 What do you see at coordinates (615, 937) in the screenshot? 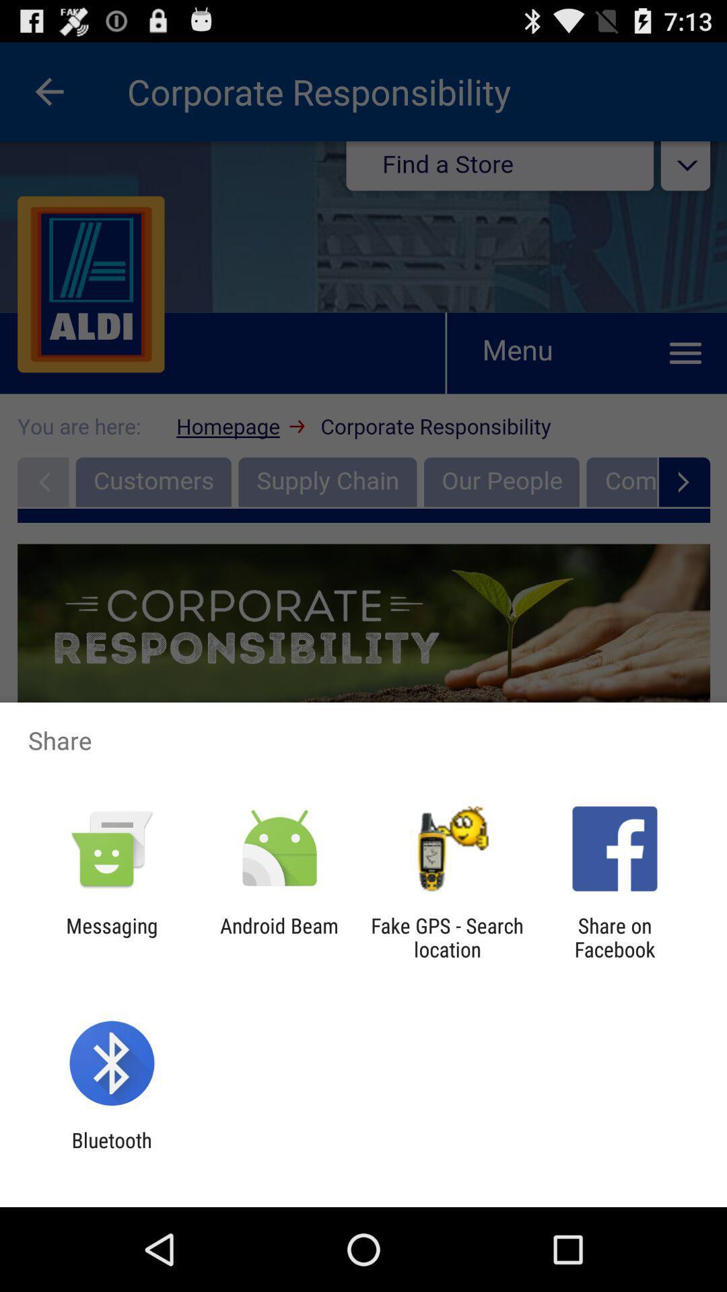
I see `share on facebook app` at bounding box center [615, 937].